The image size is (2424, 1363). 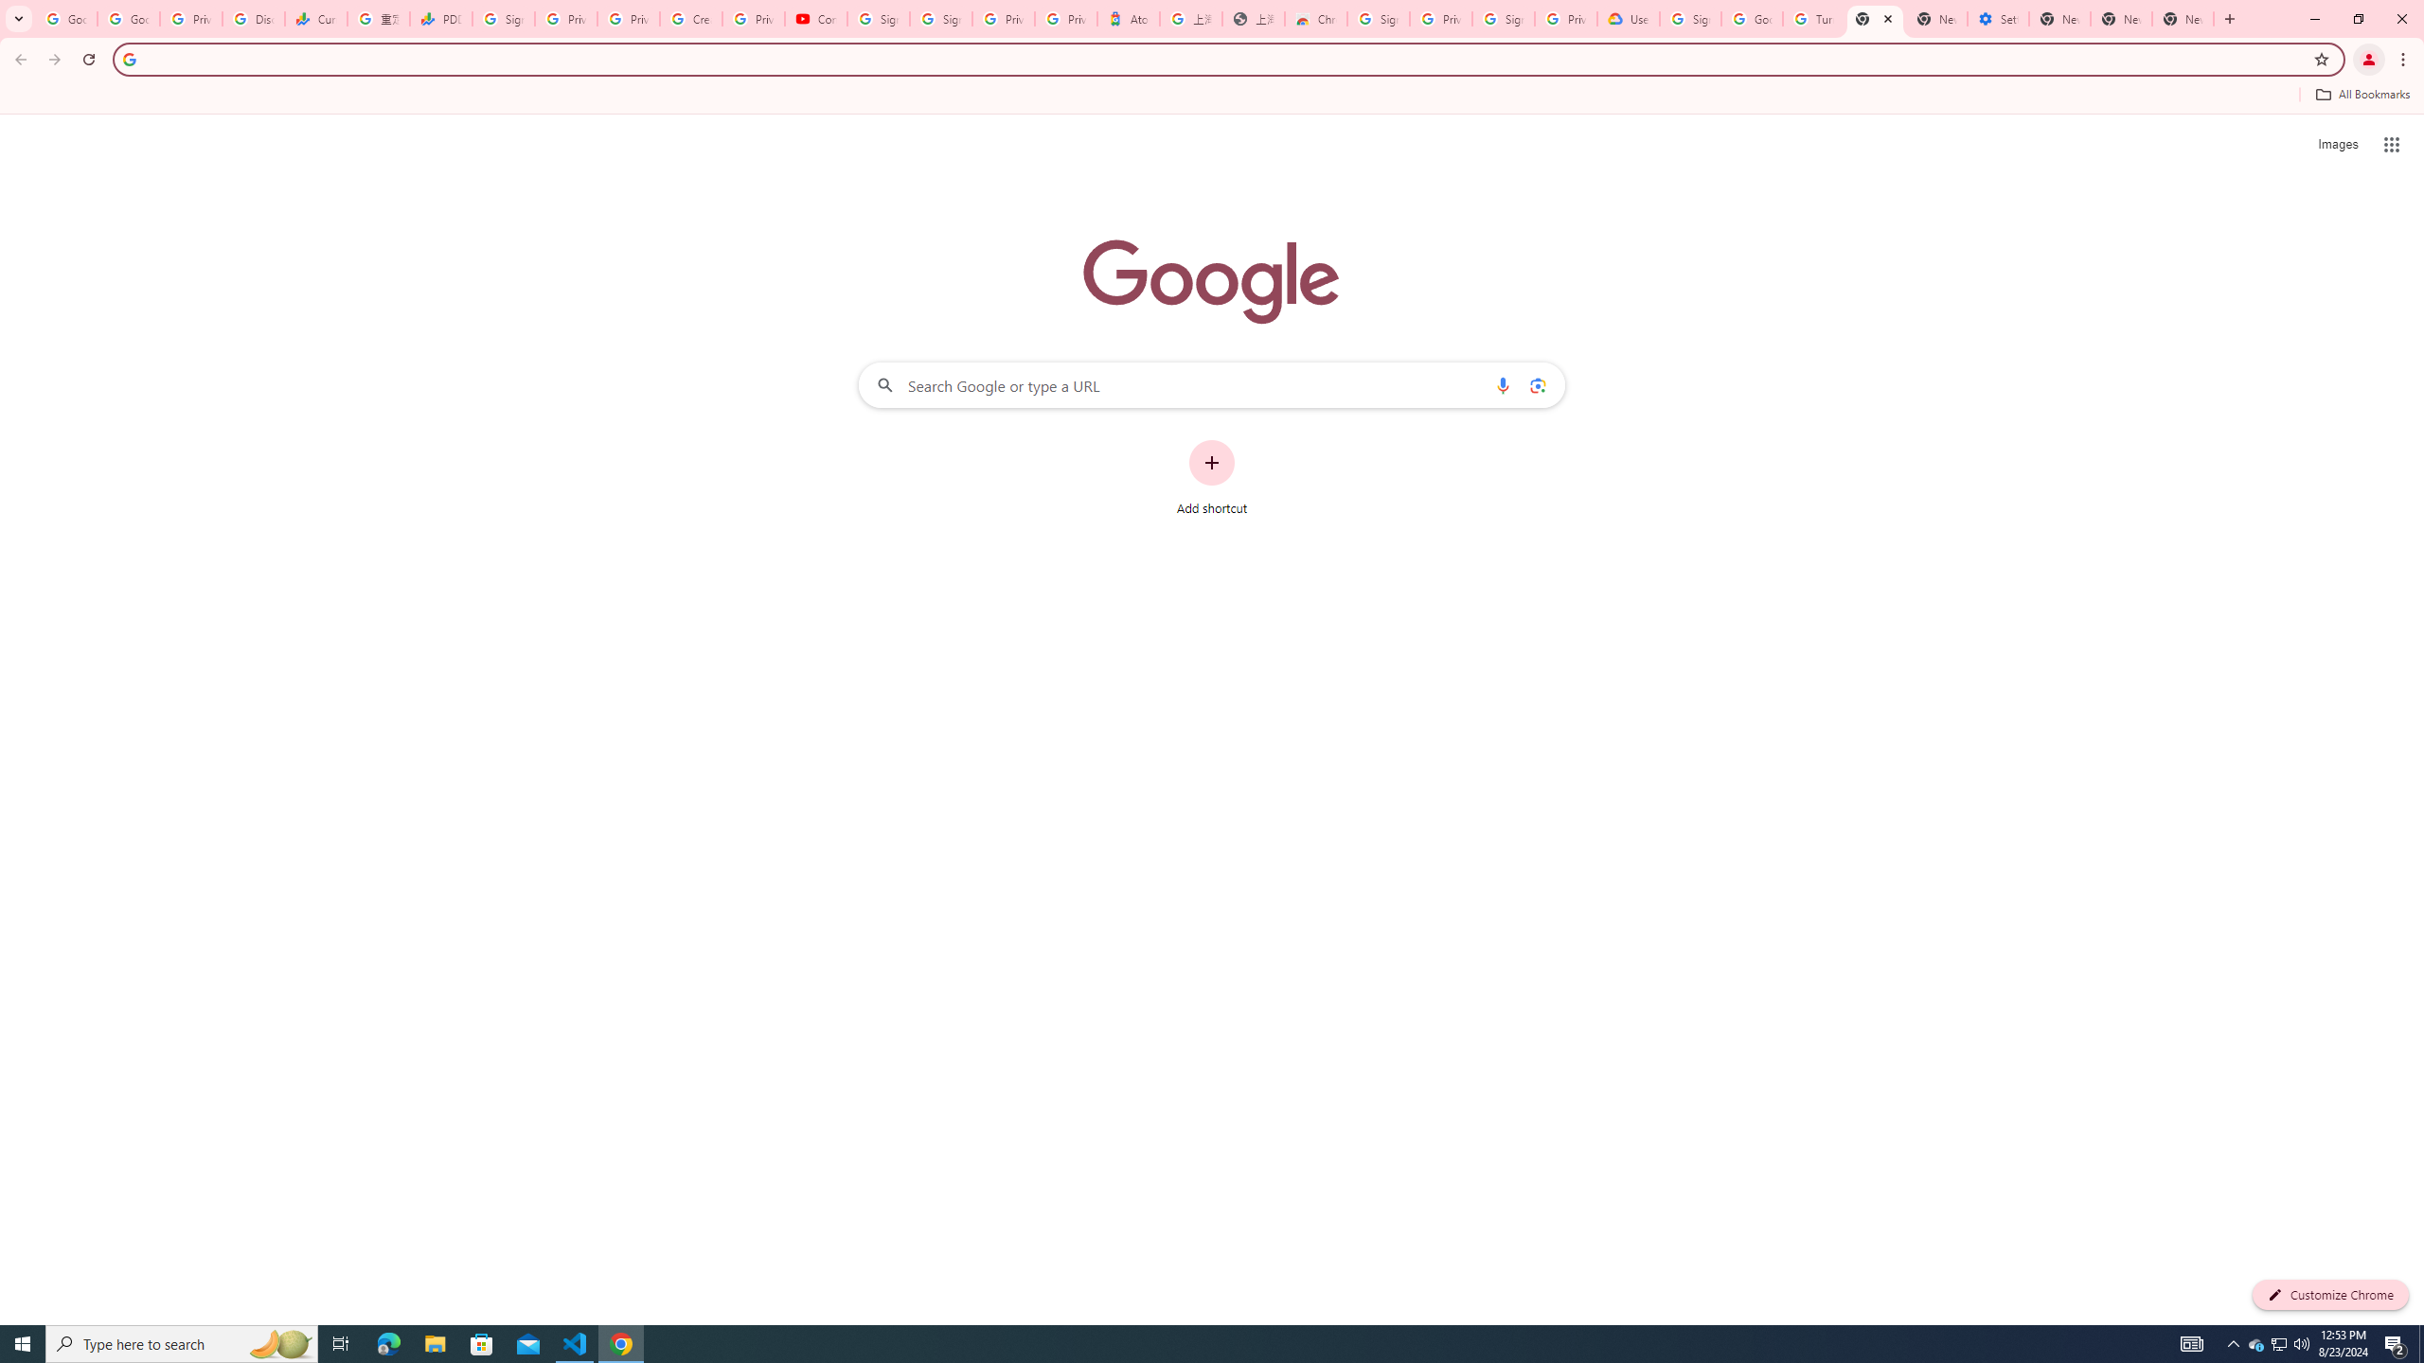 What do you see at coordinates (1997, 18) in the screenshot?
I see `'Settings - System'` at bounding box center [1997, 18].